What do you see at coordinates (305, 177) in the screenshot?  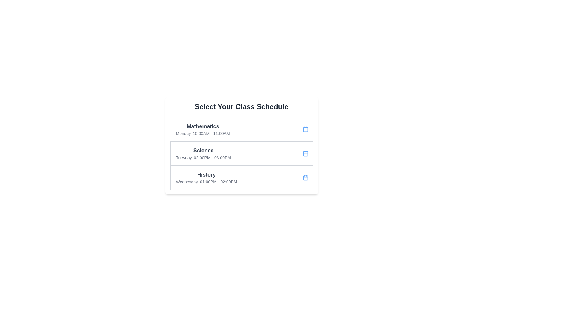 I see `the small blue calendar icon at the far-right end of the 'History' schedule row, adjacent to 'Wednesday, 01:00PM - 02:00PM'` at bounding box center [305, 177].